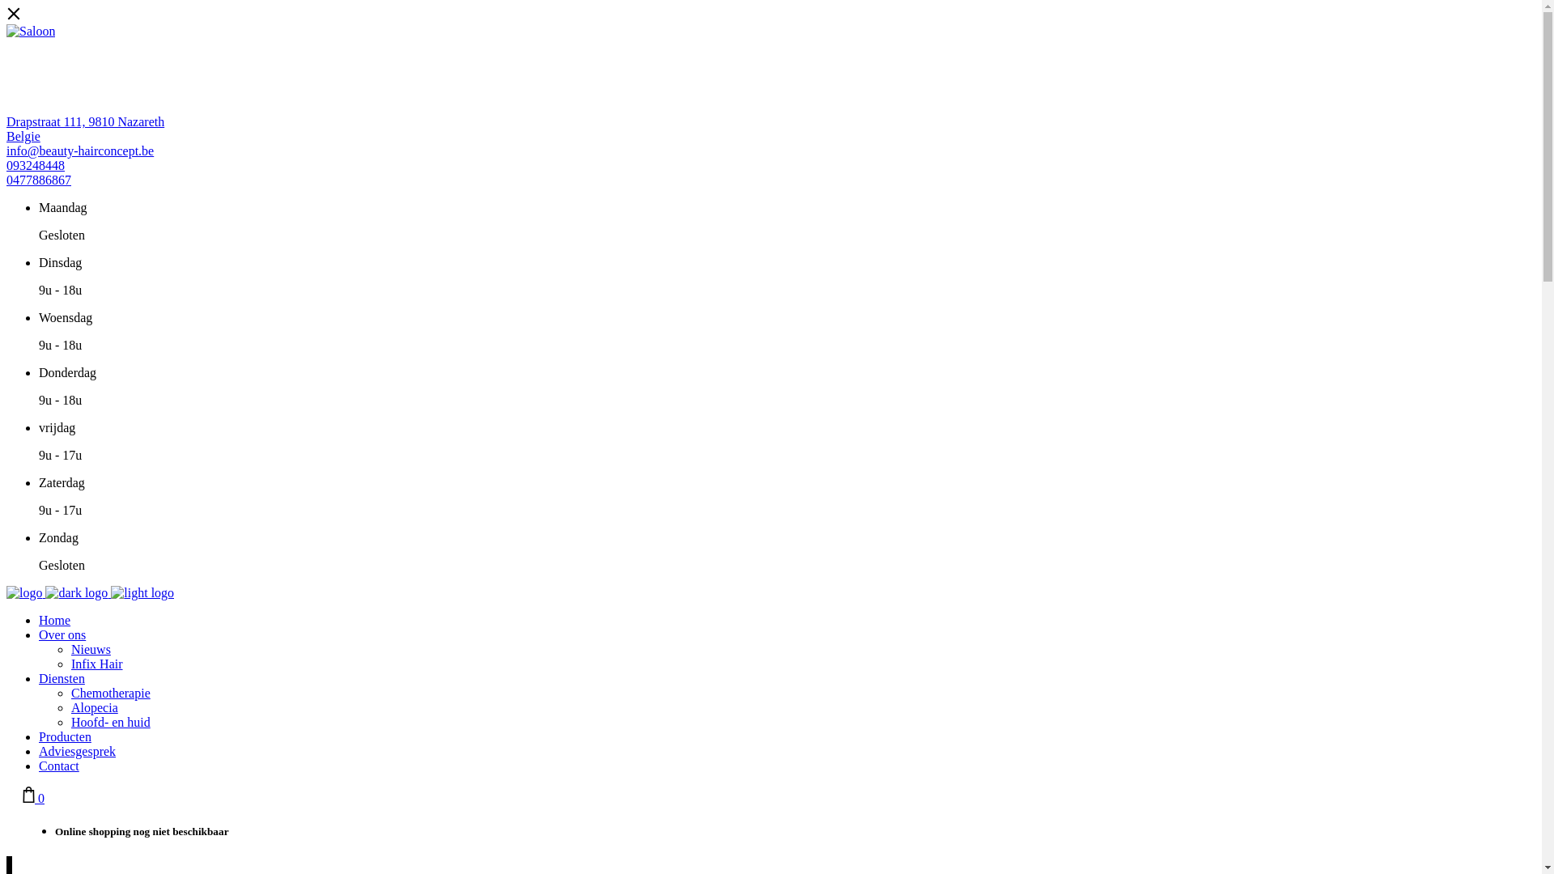 This screenshot has height=874, width=1554. What do you see at coordinates (90, 648) in the screenshot?
I see `'Nieuws'` at bounding box center [90, 648].